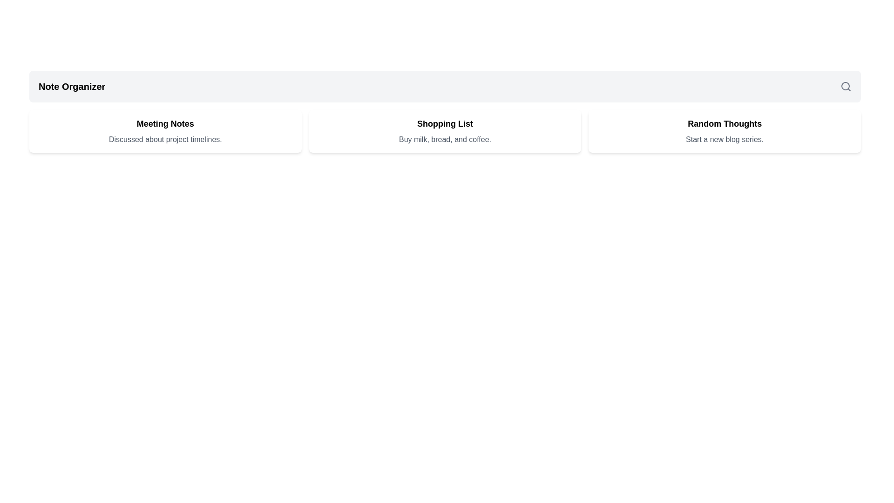 The image size is (894, 503). I want to click on the circular part of the magnifying glass icon located at the top-right corner of the interface, which is represented by an SVG Circle Element, so click(845, 86).